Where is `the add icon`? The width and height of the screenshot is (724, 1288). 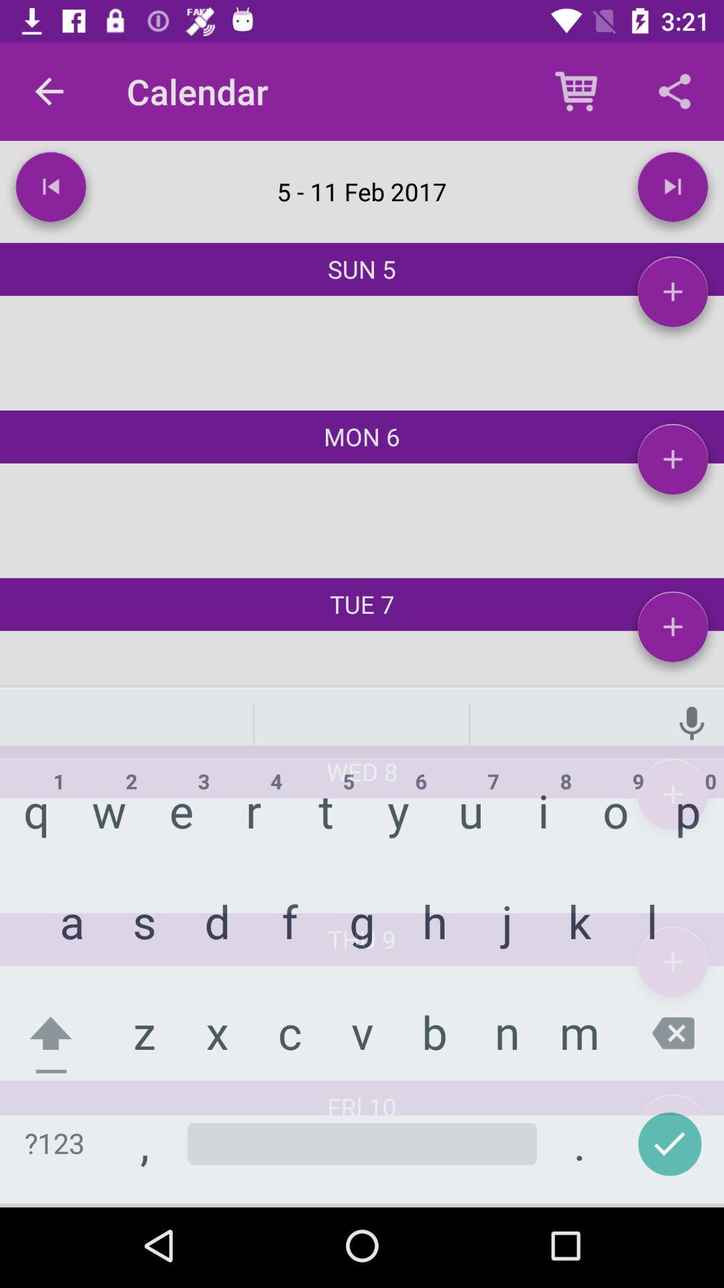
the add icon is located at coordinates (672, 296).